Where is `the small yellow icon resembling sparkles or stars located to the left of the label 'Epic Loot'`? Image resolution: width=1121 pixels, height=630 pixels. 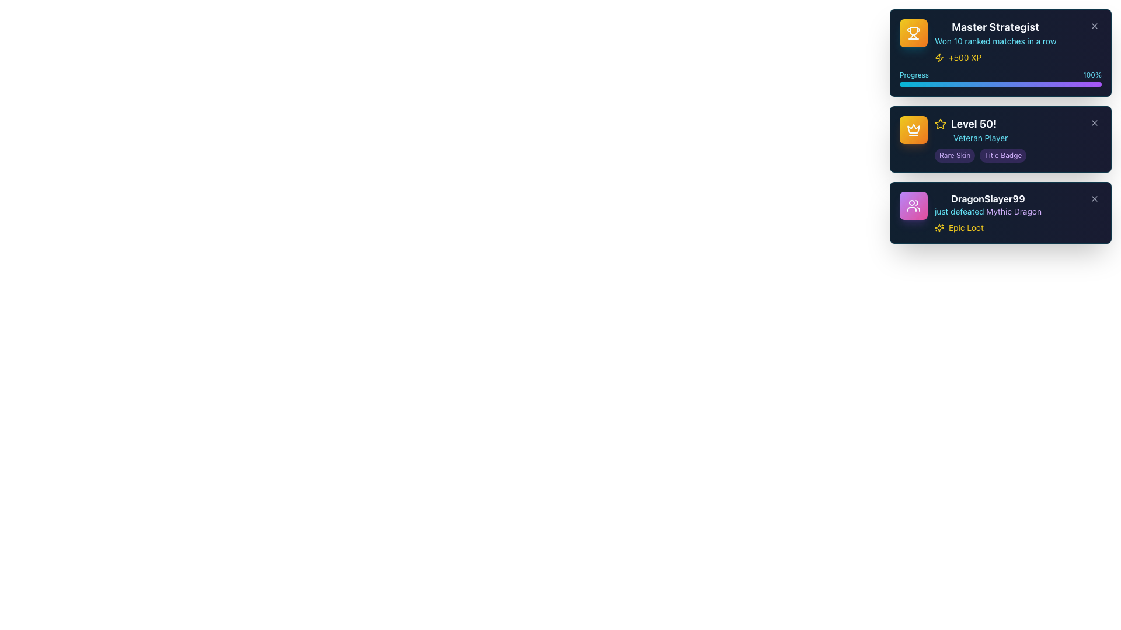
the small yellow icon resembling sparkles or stars located to the left of the label 'Epic Loot' is located at coordinates (939, 228).